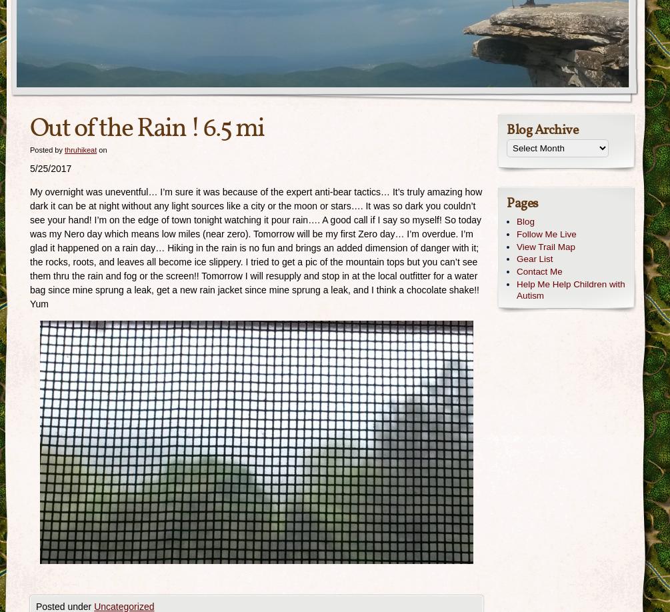 This screenshot has height=612, width=670. Describe the element at coordinates (146, 129) in the screenshot. I see `'Out of the Rain ! 6.5 mi'` at that location.